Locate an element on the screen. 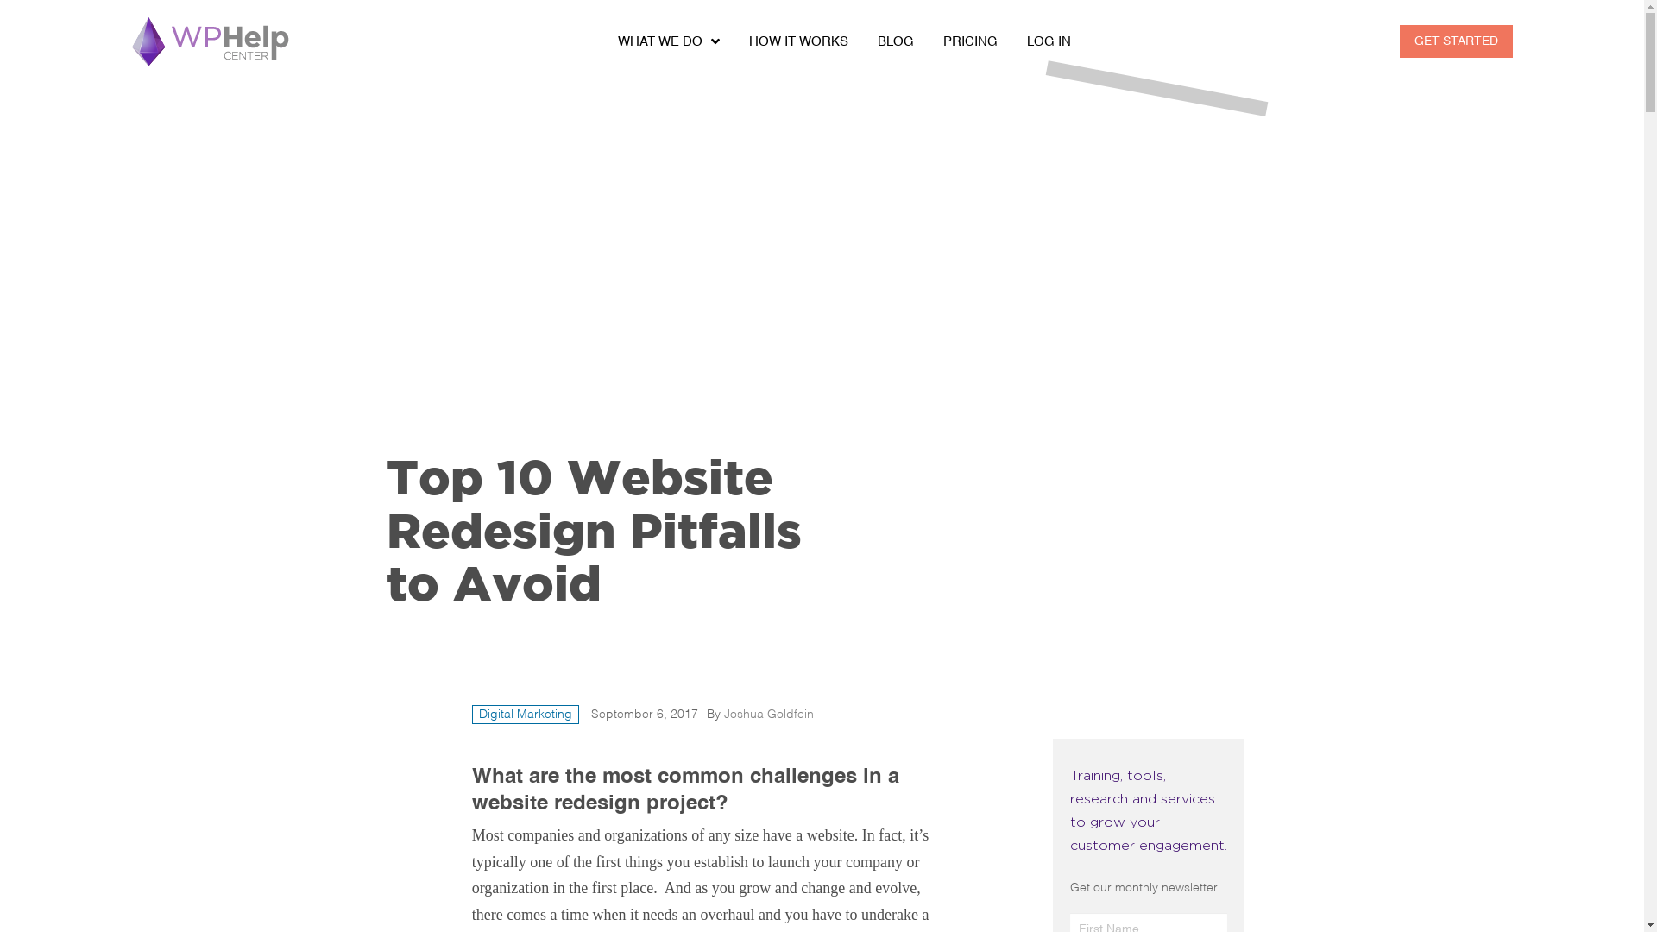 The image size is (1657, 932). 'Joshua Goldfein' is located at coordinates (768, 715).